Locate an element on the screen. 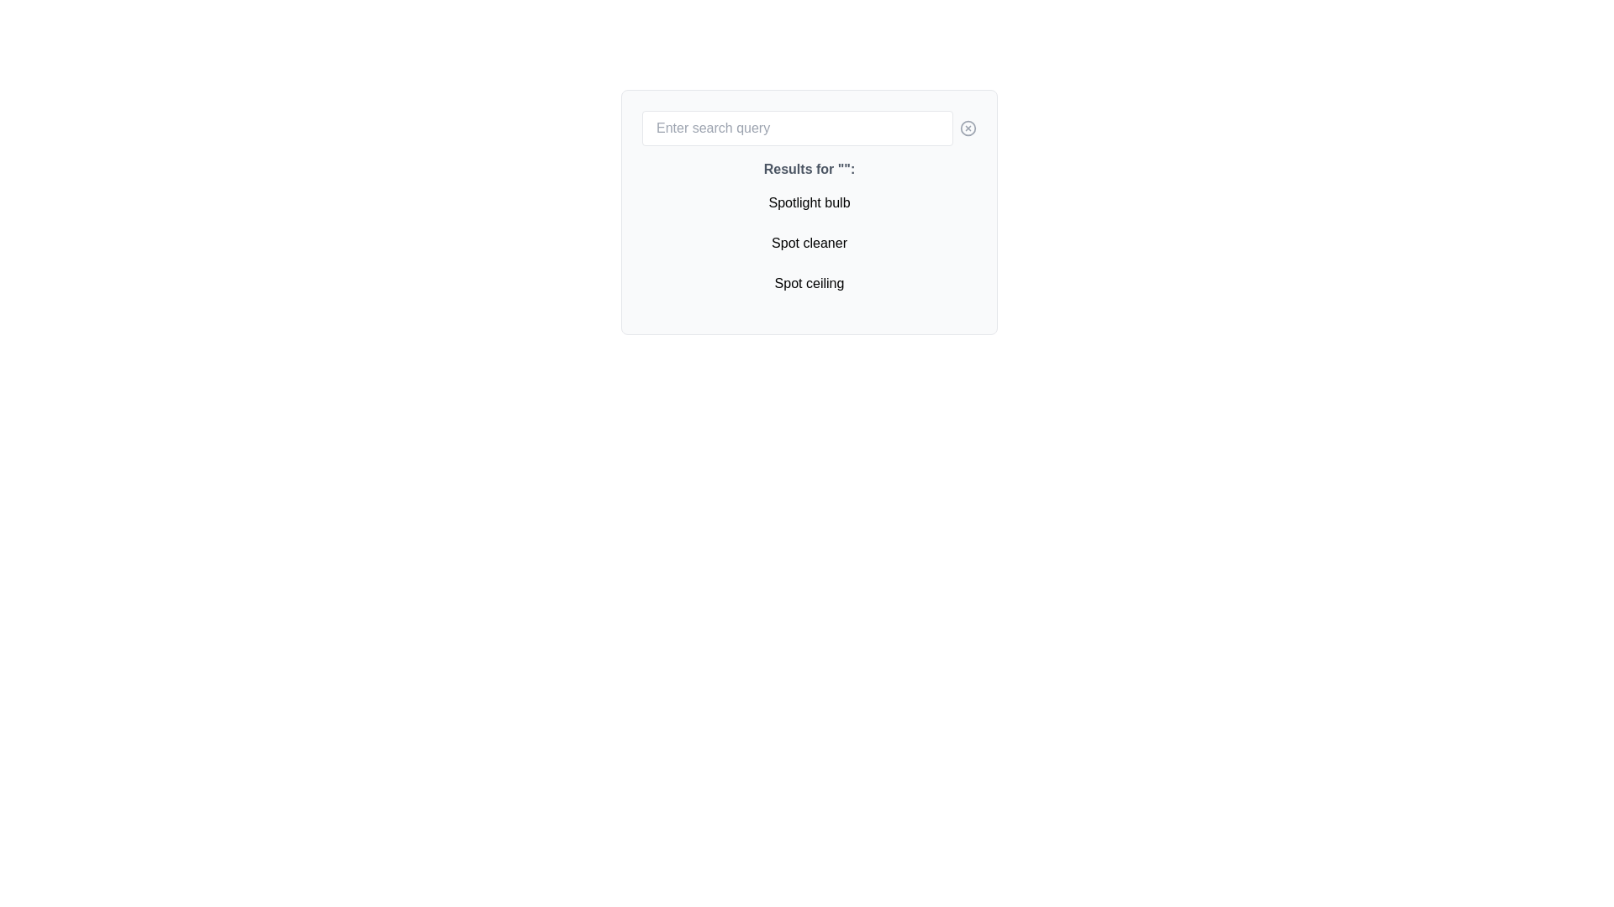 The width and height of the screenshot is (1614, 907). text element, which is the lowercase letter 'p' in the word 'Spot cleaner', styled in a sans-serif font and colored black against a white background is located at coordinates (783, 243).